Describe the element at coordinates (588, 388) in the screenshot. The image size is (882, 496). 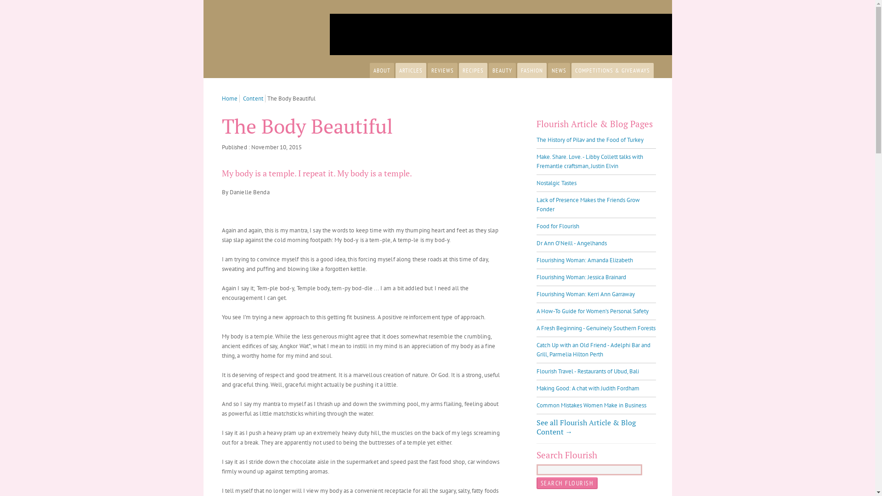
I see `'Making Good: A chat with Judith Fordham'` at that location.